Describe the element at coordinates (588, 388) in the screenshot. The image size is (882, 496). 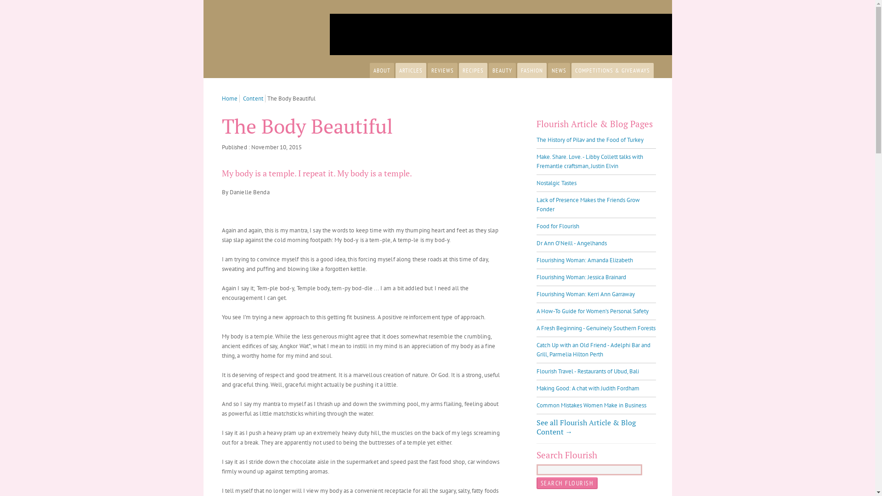
I see `'Making Good: A chat with Judith Fordham'` at that location.